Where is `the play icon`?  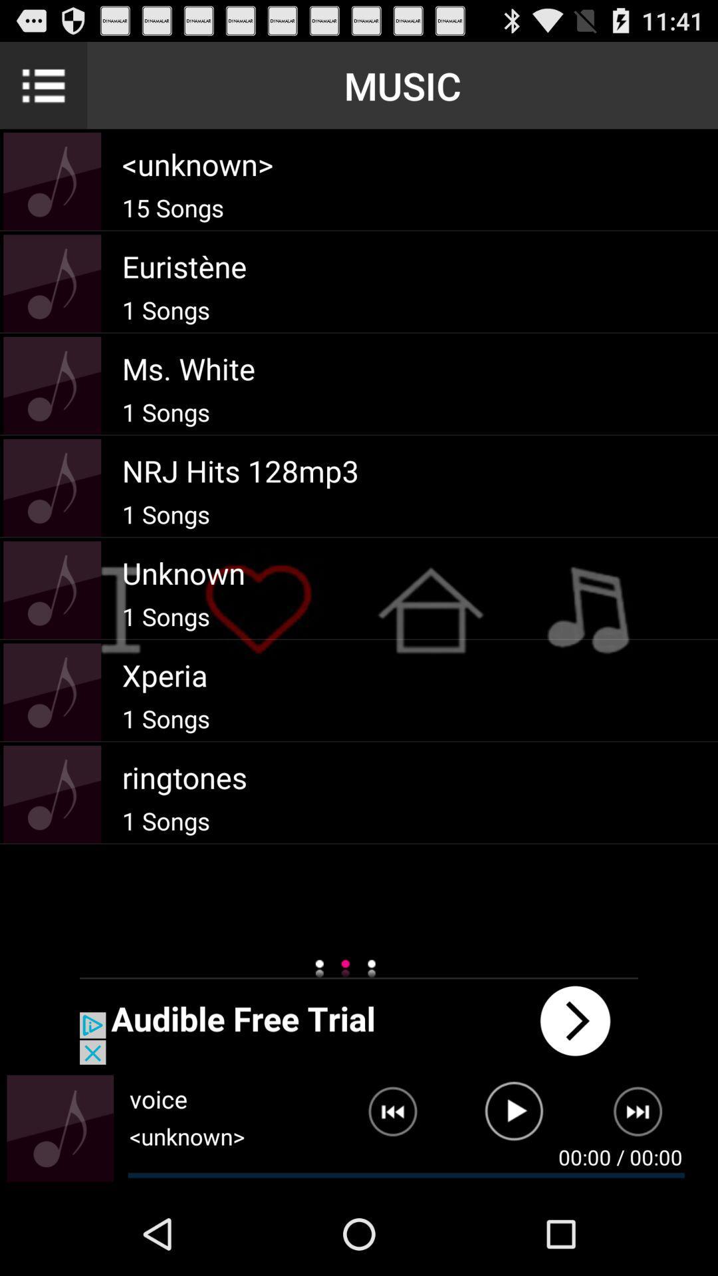 the play icon is located at coordinates (513, 1196).